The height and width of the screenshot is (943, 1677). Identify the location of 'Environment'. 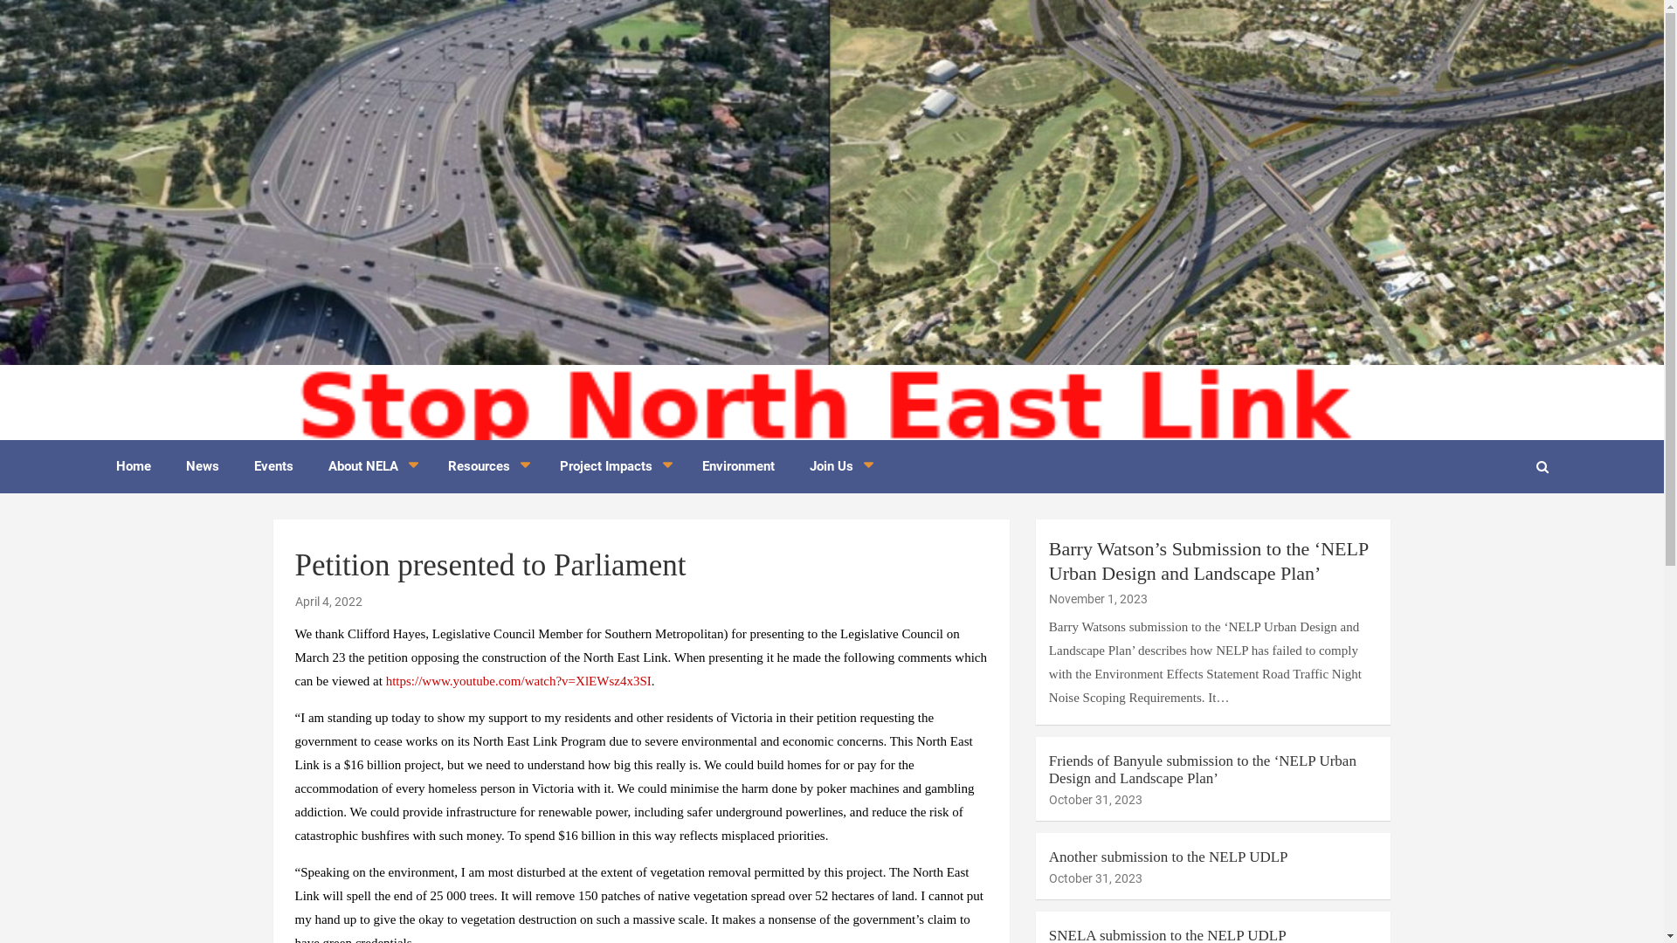
(738, 465).